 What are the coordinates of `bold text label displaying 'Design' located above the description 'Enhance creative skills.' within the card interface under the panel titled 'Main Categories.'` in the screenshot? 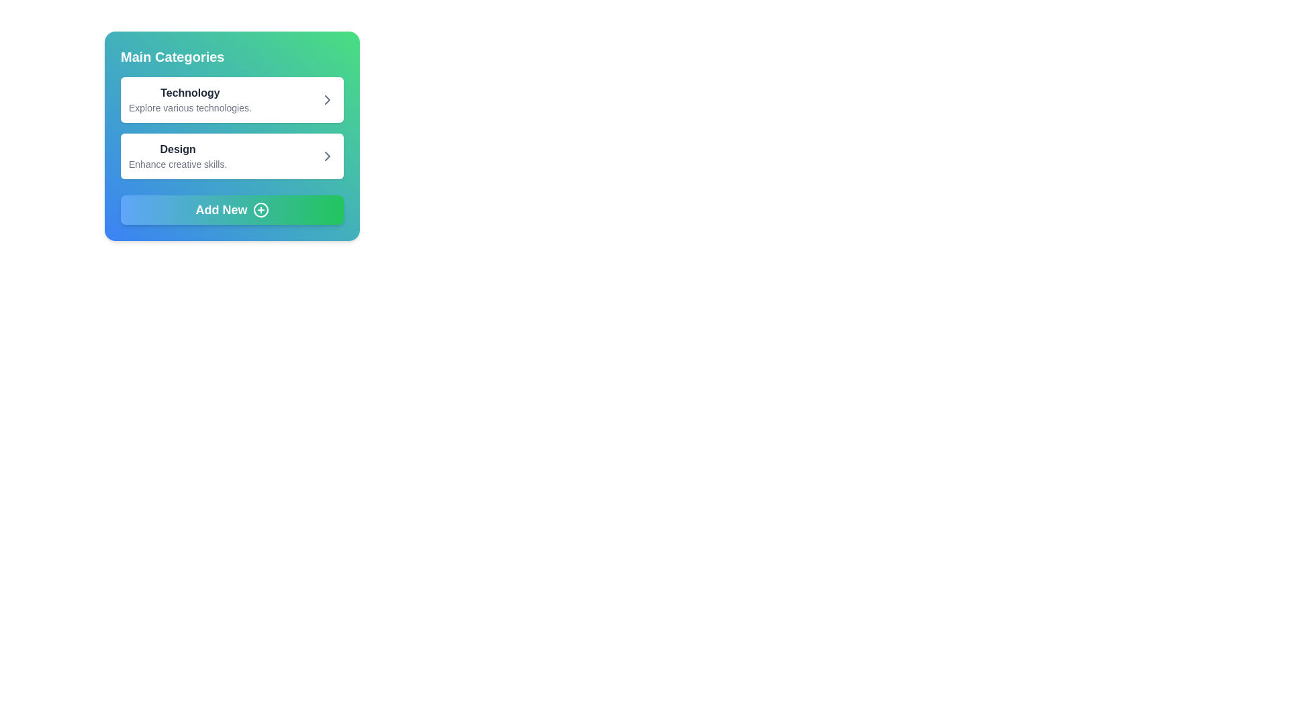 It's located at (177, 150).